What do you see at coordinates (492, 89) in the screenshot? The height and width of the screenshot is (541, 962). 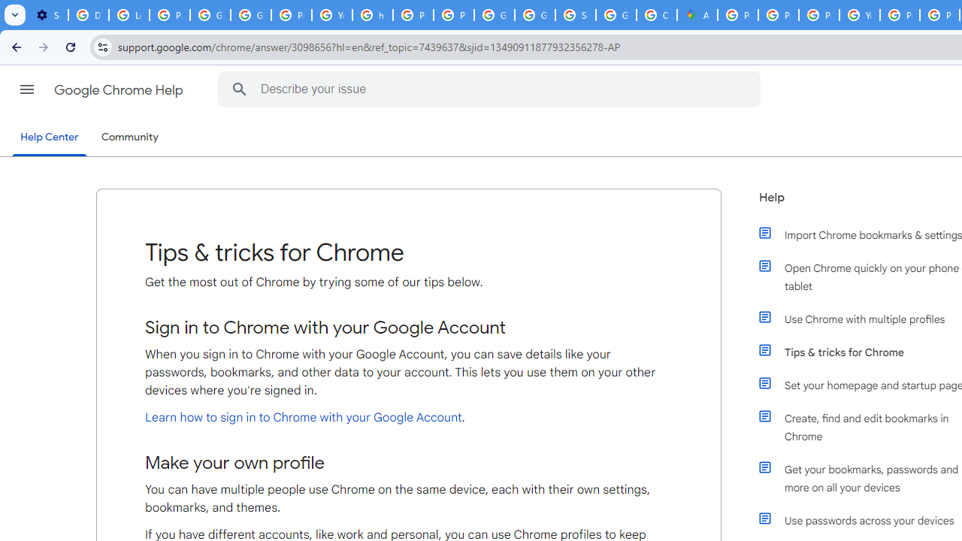 I see `'Describe your issue'` at bounding box center [492, 89].